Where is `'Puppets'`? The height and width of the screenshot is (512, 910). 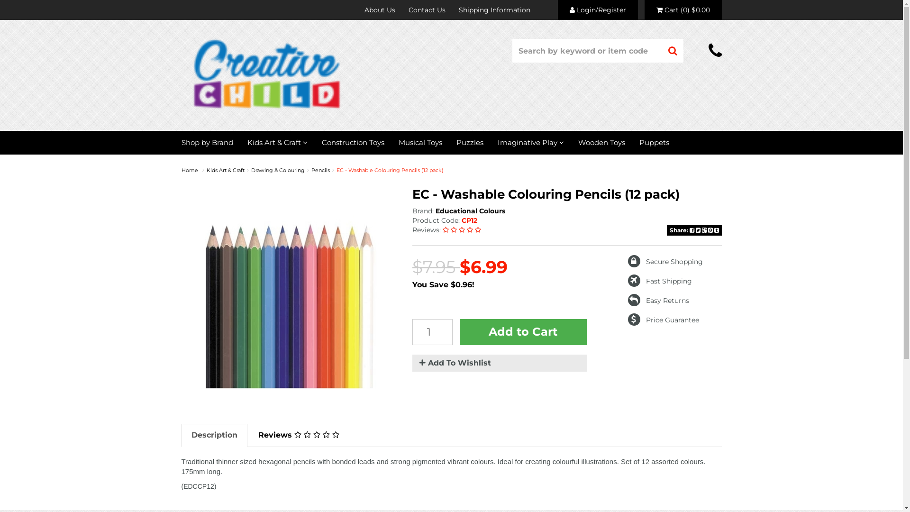 'Puppets' is located at coordinates (654, 142).